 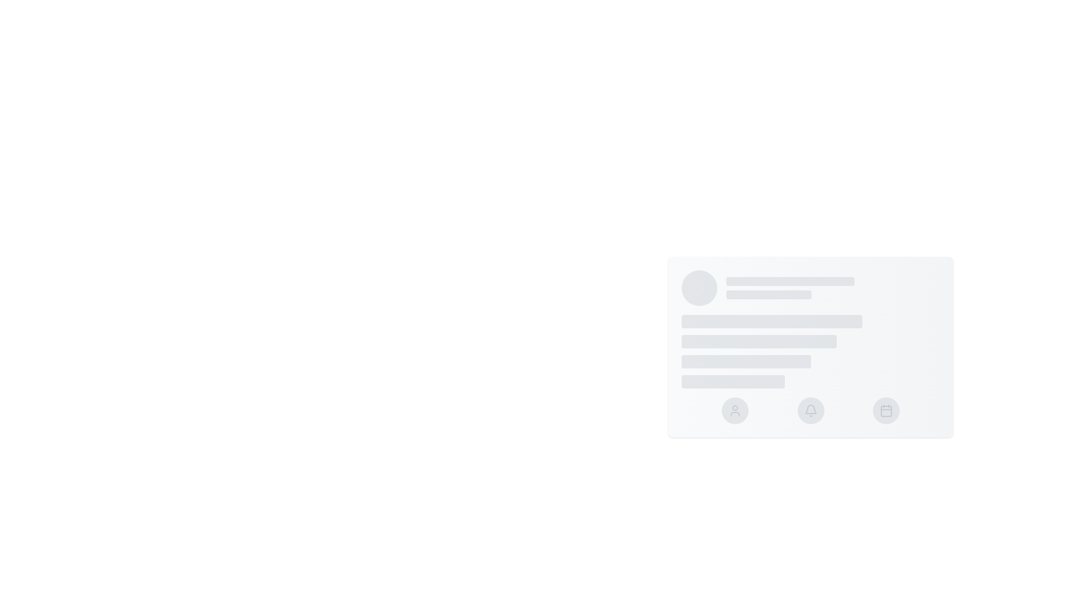 I want to click on the right-side icon button located at the bottom of the rectangular card interface, so click(x=886, y=410).